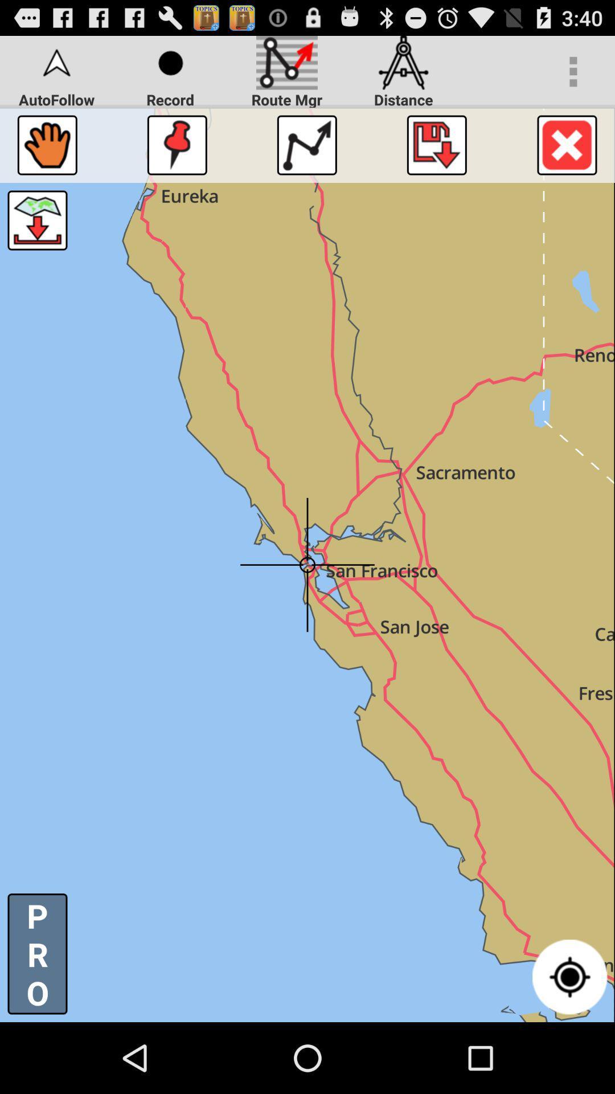  Describe the element at coordinates (36, 954) in the screenshot. I see `the item at the bottom left corner` at that location.